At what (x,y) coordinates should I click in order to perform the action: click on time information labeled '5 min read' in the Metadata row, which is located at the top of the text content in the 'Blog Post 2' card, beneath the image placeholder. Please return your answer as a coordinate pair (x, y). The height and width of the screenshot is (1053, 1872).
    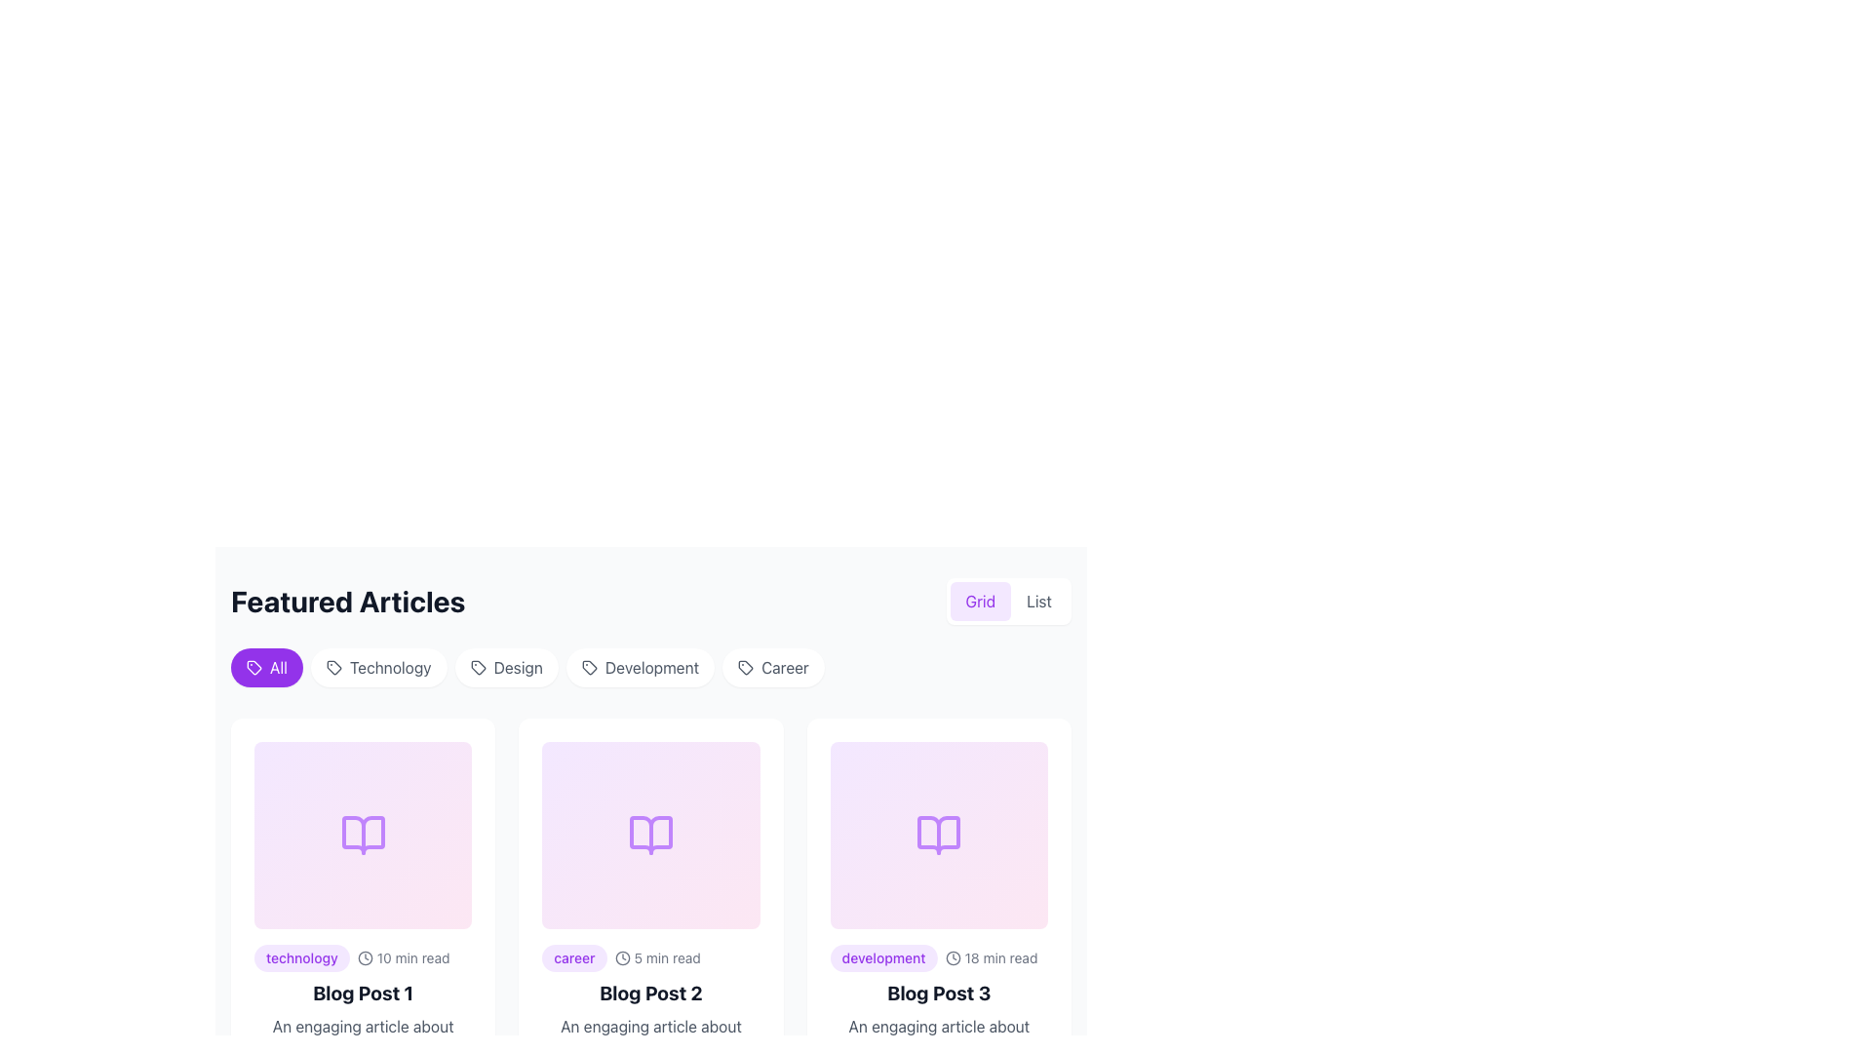
    Looking at the image, I should click on (650, 957).